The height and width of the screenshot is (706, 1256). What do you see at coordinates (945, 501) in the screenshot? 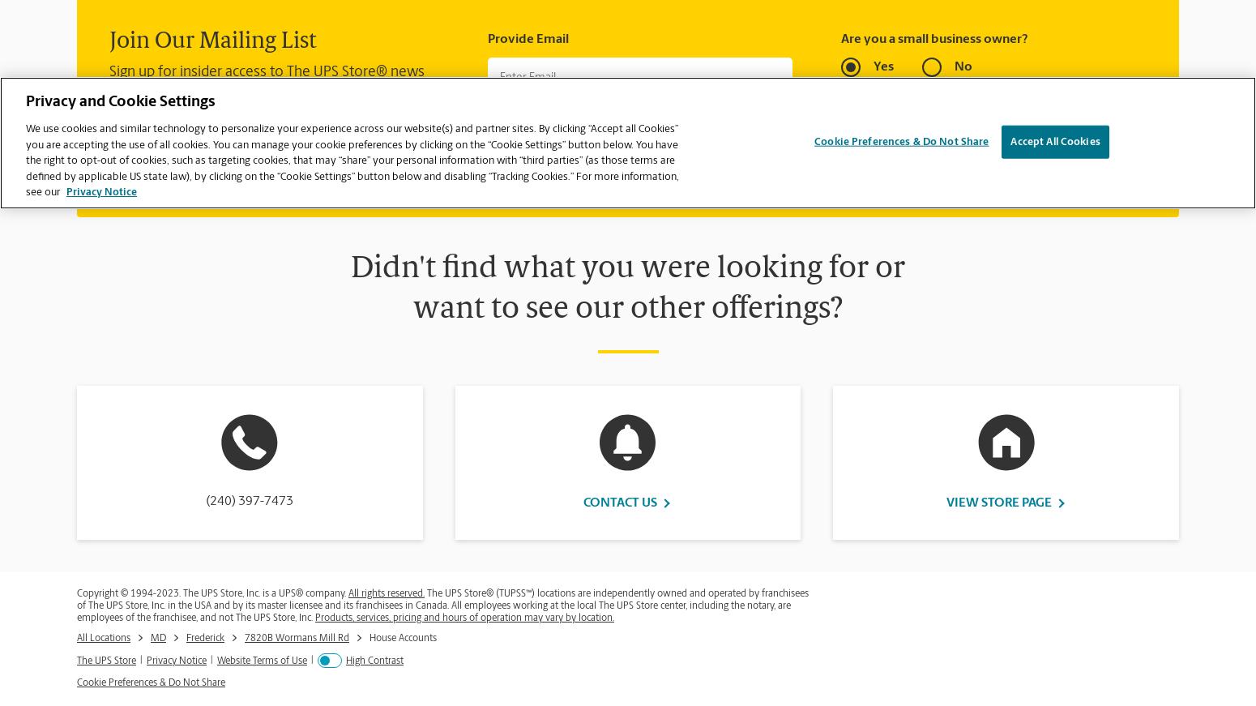
I see `'View Store Page'` at bounding box center [945, 501].